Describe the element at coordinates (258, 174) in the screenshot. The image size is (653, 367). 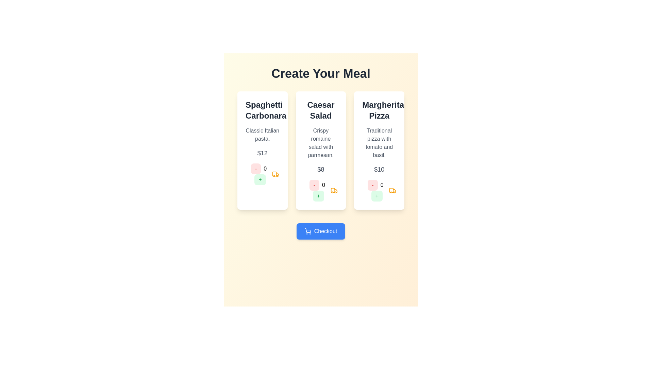
I see `the displayed number in the Composite control containing a red minus button, a numeral '0', and a green plus button, located in the Spaghetti Carbonara card, below '$12'` at that location.